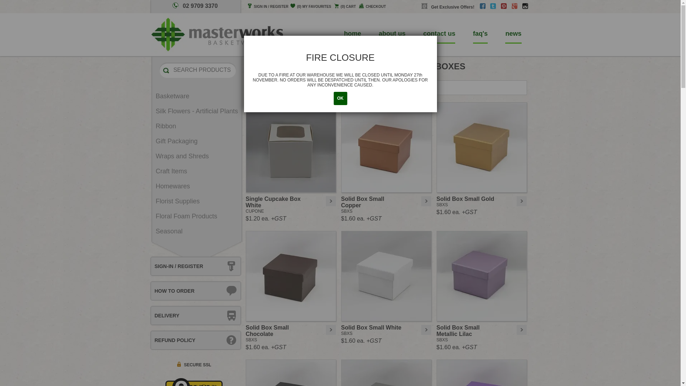 The height and width of the screenshot is (386, 686). I want to click on 'Solid Box Small Metallic Lilac', so click(484, 276).